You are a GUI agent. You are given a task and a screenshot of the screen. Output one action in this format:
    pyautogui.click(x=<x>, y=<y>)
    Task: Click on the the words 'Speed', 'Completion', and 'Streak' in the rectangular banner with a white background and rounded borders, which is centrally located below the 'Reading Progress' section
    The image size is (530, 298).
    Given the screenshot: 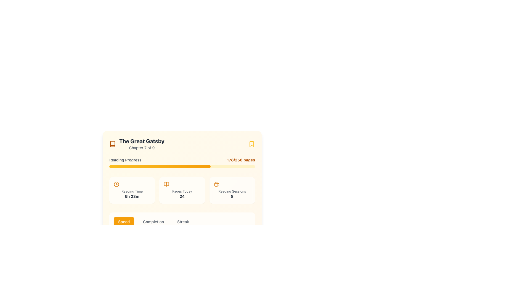 What is the action you would take?
    pyautogui.click(x=182, y=241)
    